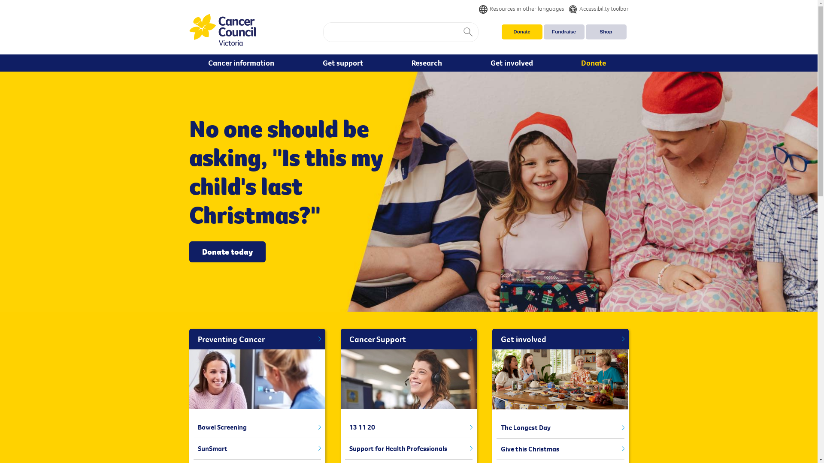 This screenshot has height=463, width=824. What do you see at coordinates (467, 31) in the screenshot?
I see `'Search'` at bounding box center [467, 31].